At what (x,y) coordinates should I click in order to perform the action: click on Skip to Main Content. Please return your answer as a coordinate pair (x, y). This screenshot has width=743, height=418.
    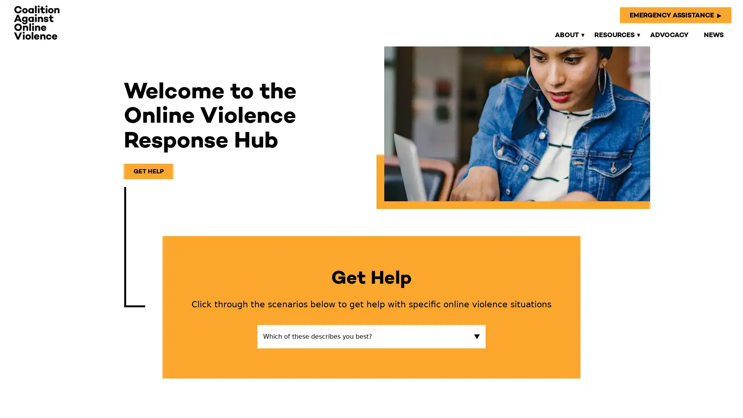
    Looking at the image, I should click on (8, 8).